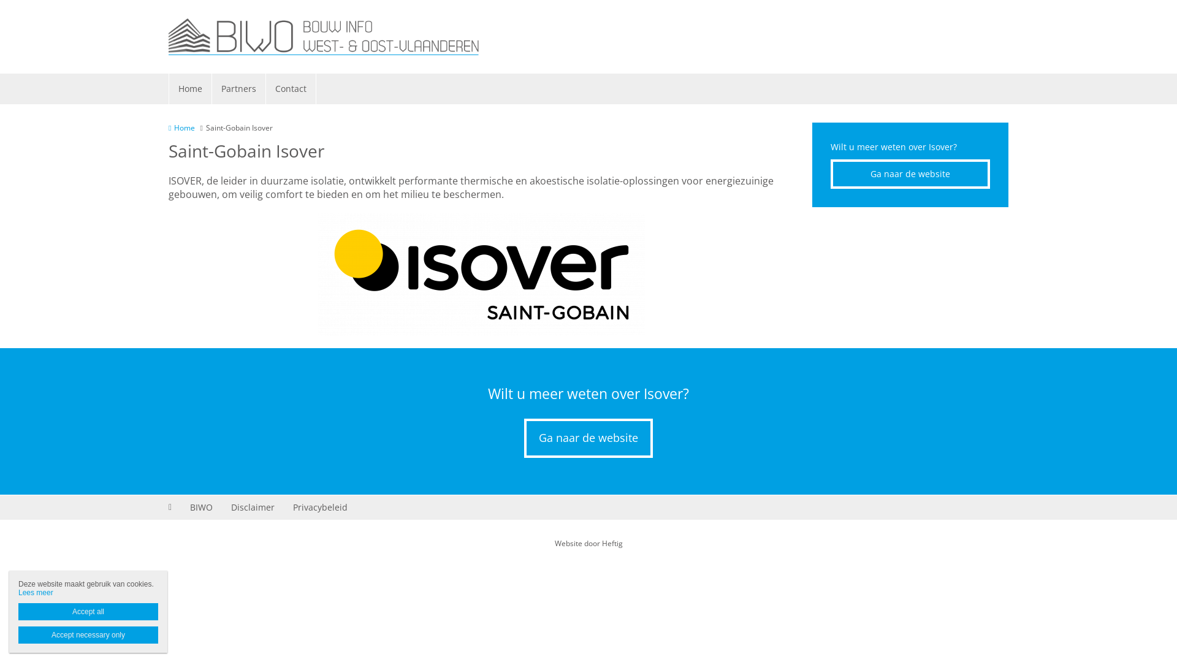 The height and width of the screenshot is (662, 1177). Describe the element at coordinates (36, 592) in the screenshot. I see `'Lees meer'` at that location.